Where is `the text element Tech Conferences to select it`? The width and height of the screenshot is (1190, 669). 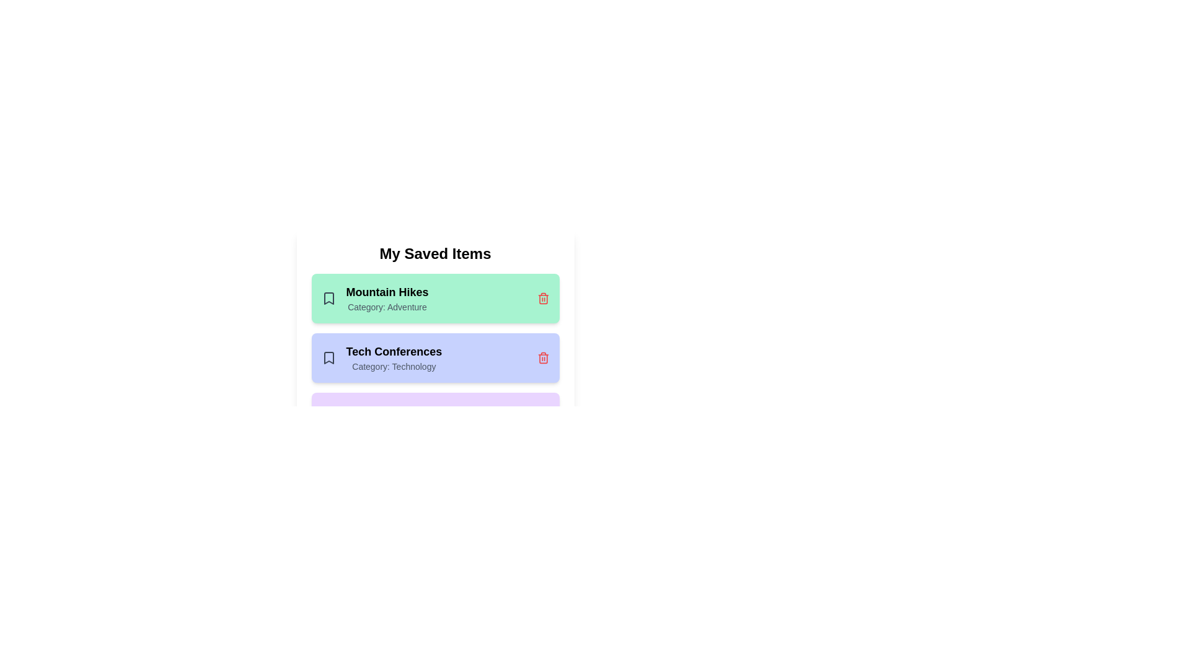
the text element Tech Conferences to select it is located at coordinates (392, 351).